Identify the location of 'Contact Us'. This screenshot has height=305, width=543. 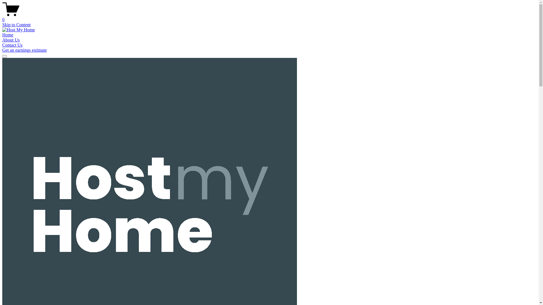
(12, 45).